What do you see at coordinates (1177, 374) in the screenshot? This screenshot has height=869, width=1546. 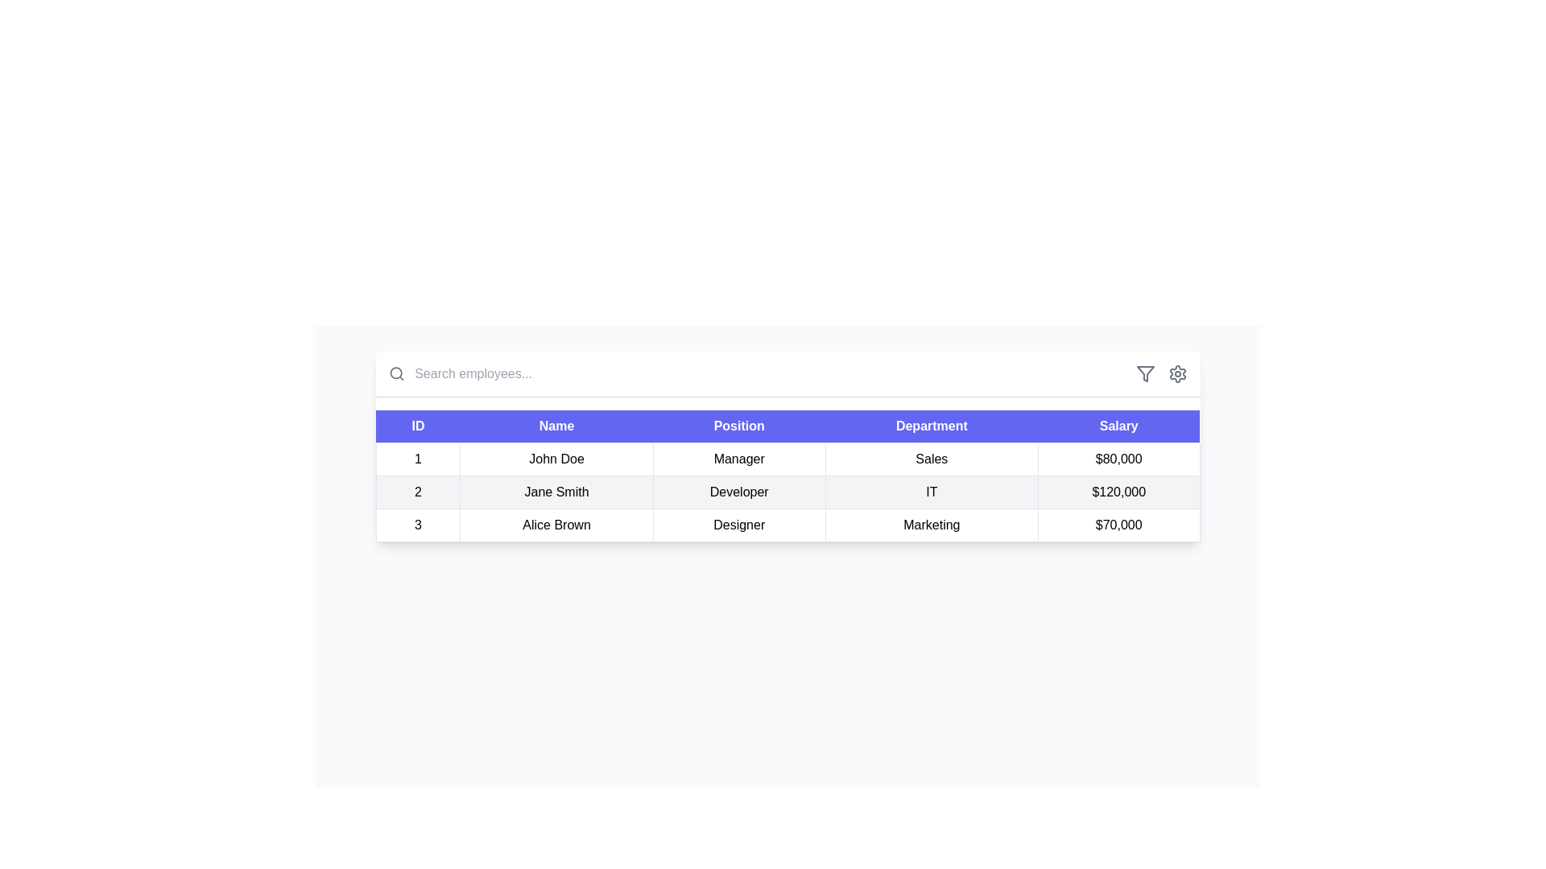 I see `the settings icon, which is a cogwheel-shaped graphical icon located at the top right corner of the table interface` at bounding box center [1177, 374].